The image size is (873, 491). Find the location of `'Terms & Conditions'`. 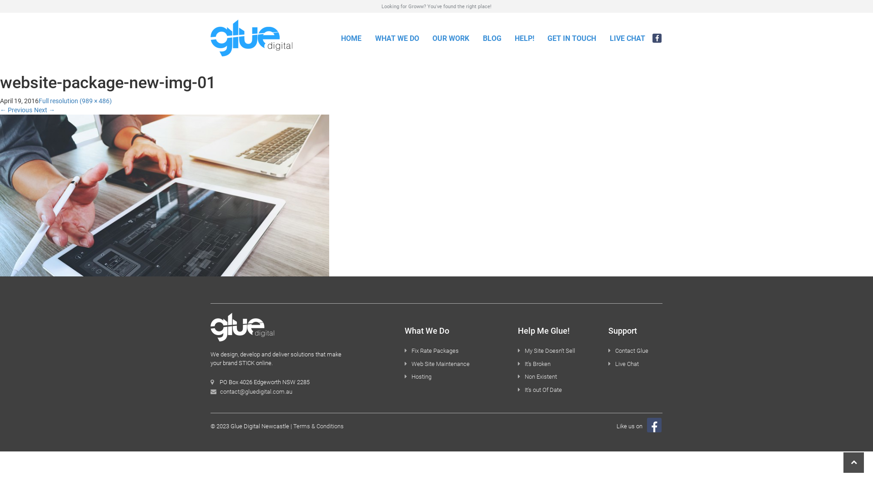

'Terms & Conditions' is located at coordinates (318, 426).